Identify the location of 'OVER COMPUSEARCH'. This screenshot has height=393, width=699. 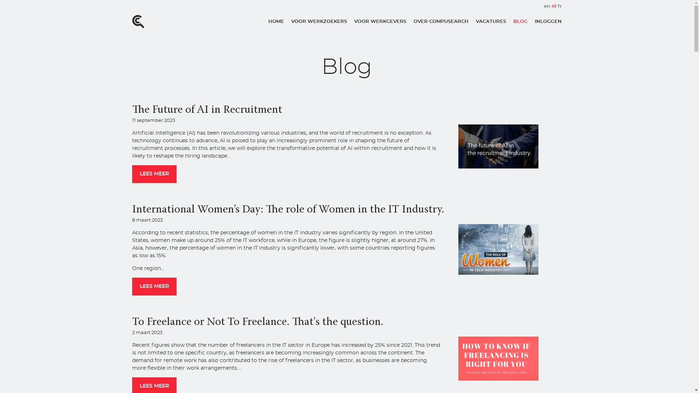
(441, 21).